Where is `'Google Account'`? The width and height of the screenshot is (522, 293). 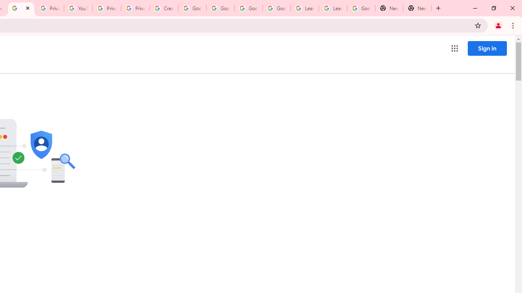
'Google Account' is located at coordinates (361, 8).